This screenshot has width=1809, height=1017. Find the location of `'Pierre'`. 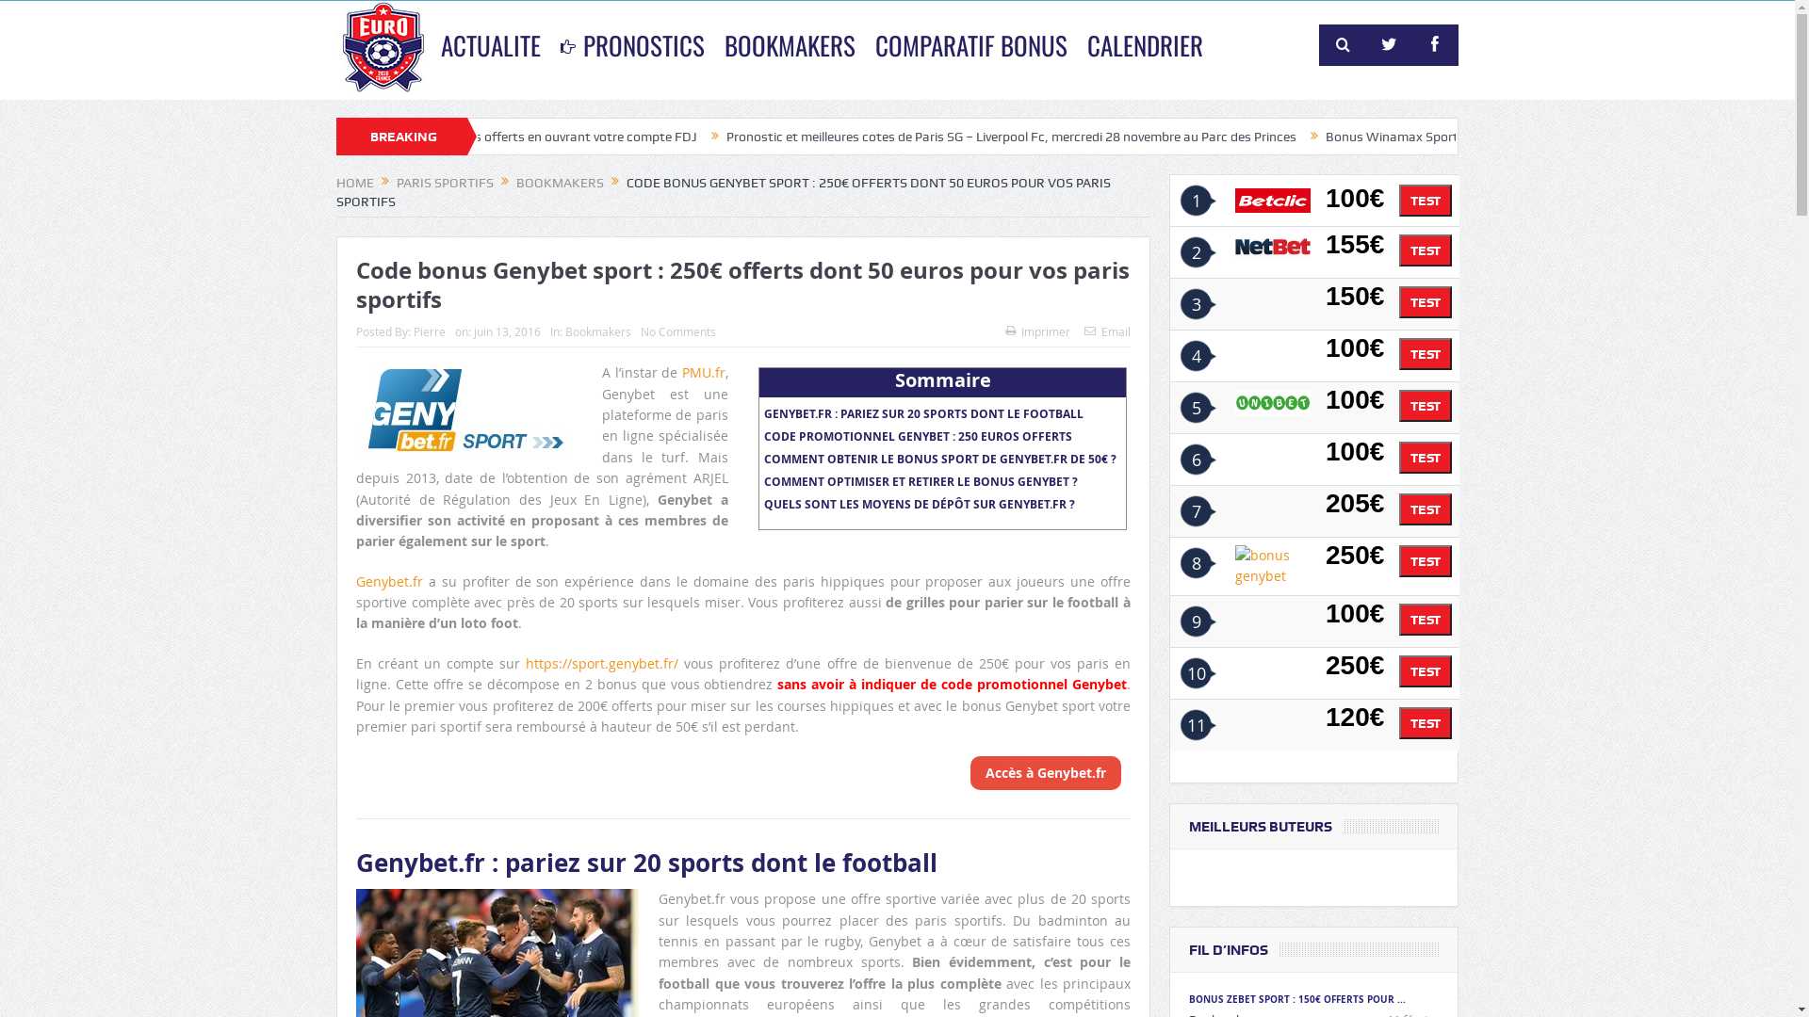

'Pierre' is located at coordinates (429, 330).